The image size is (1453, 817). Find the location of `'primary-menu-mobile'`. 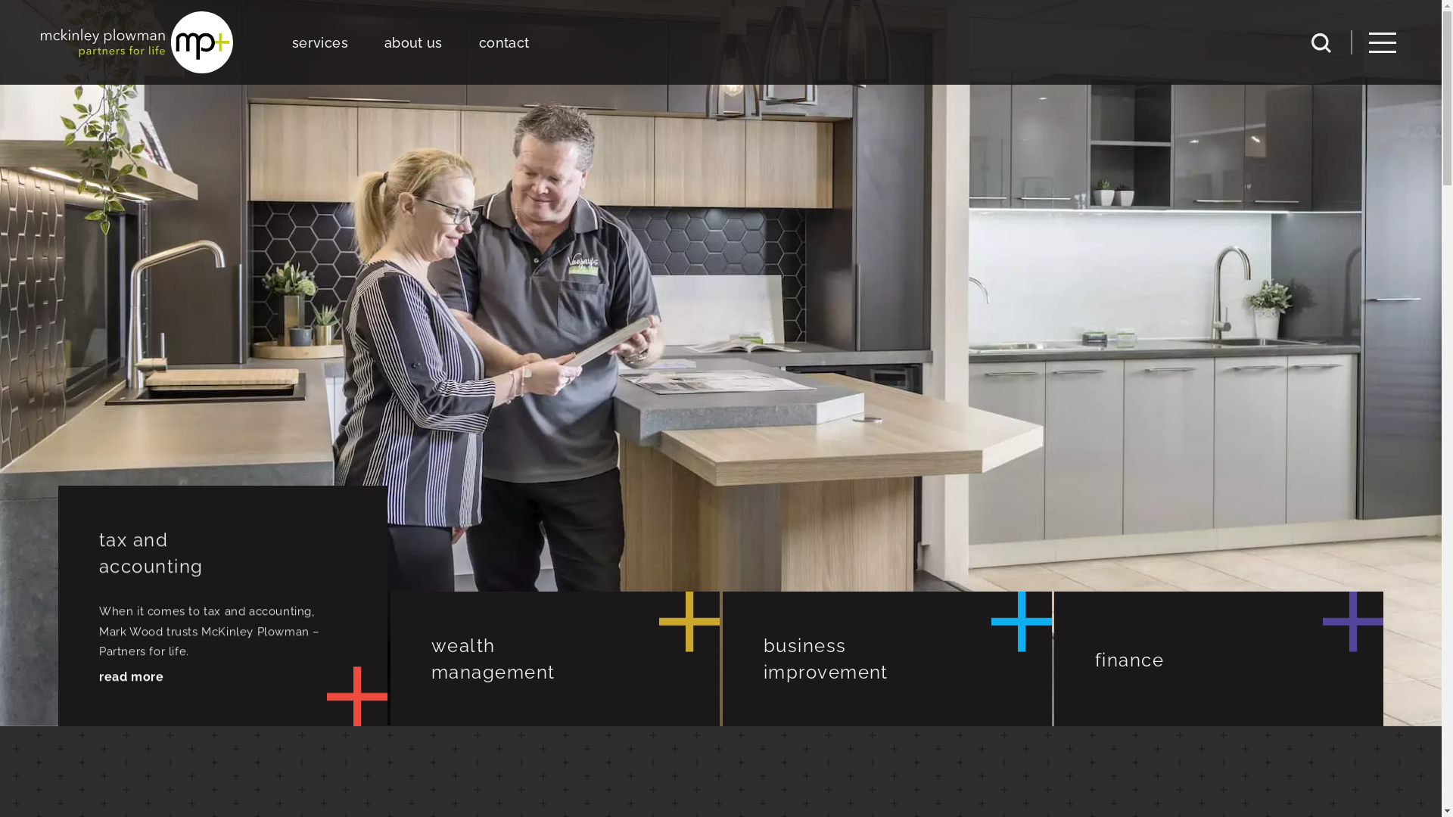

'primary-menu-mobile' is located at coordinates (1383, 42).